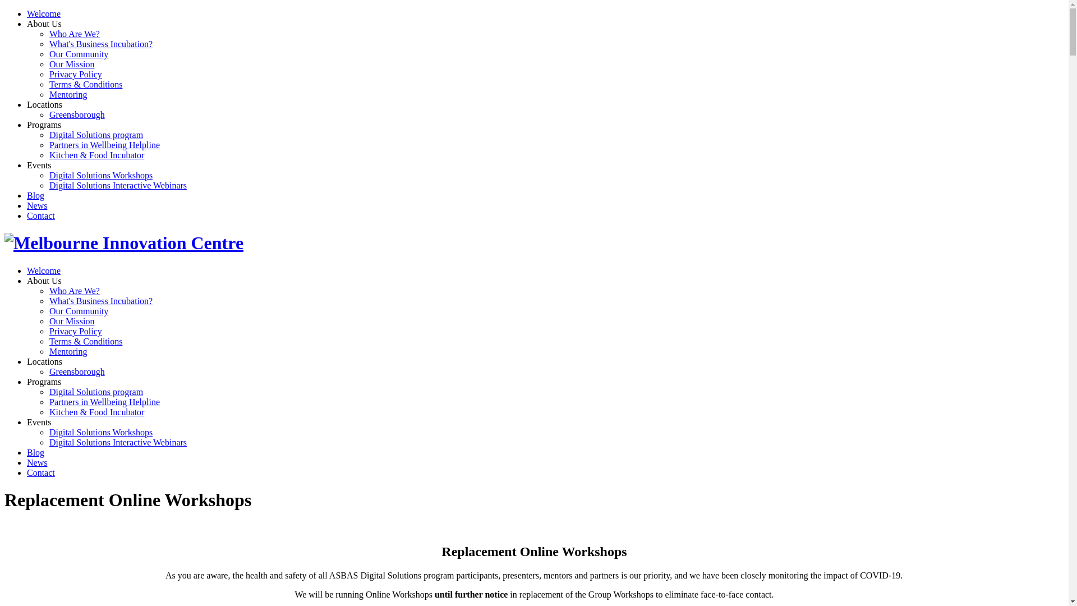 Image resolution: width=1077 pixels, height=606 pixels. Describe the element at coordinates (78, 311) in the screenshot. I see `'Our Community'` at that location.